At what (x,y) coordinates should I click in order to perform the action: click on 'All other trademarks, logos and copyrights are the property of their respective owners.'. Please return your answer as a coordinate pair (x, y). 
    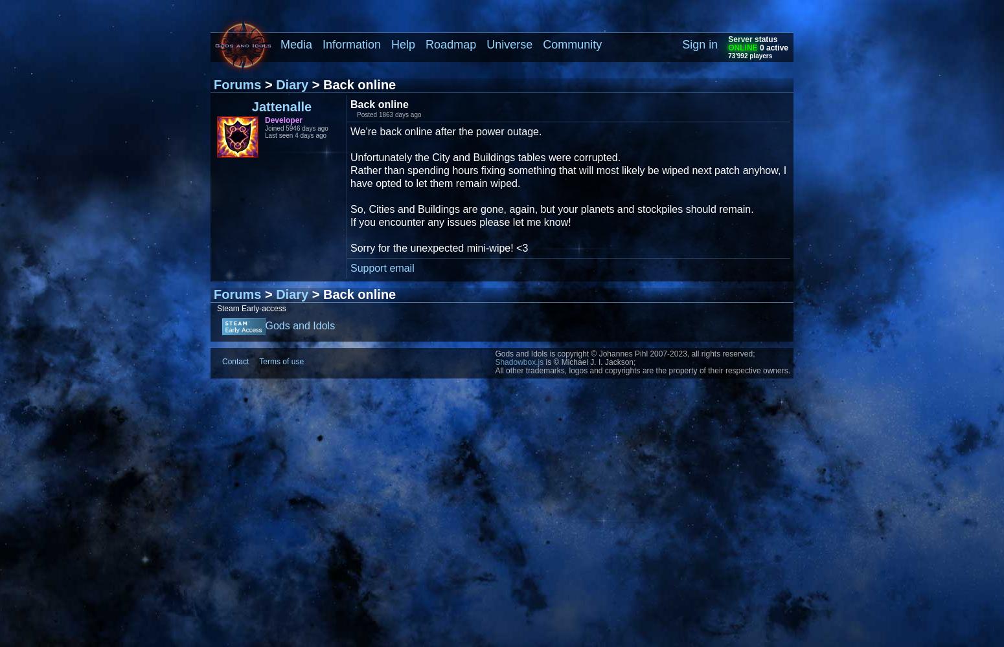
    Looking at the image, I should click on (642, 370).